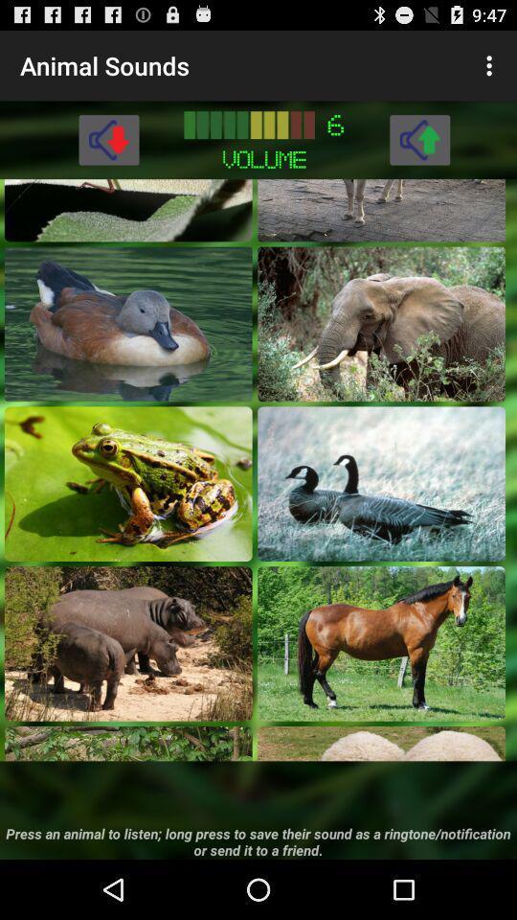 The image size is (517, 920). What do you see at coordinates (381, 482) in the screenshot?
I see `animal` at bounding box center [381, 482].